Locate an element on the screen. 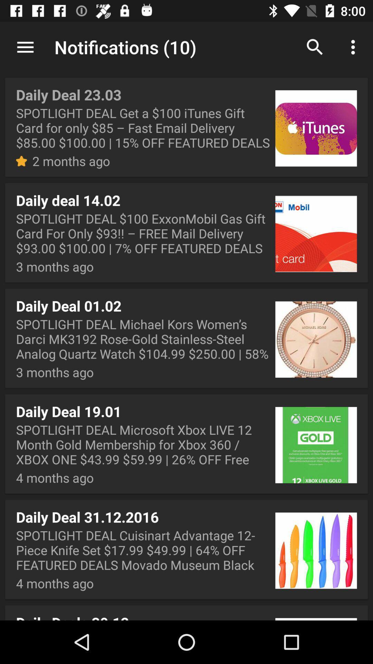 This screenshot has width=373, height=664. the search button on the web page is located at coordinates (315, 47).